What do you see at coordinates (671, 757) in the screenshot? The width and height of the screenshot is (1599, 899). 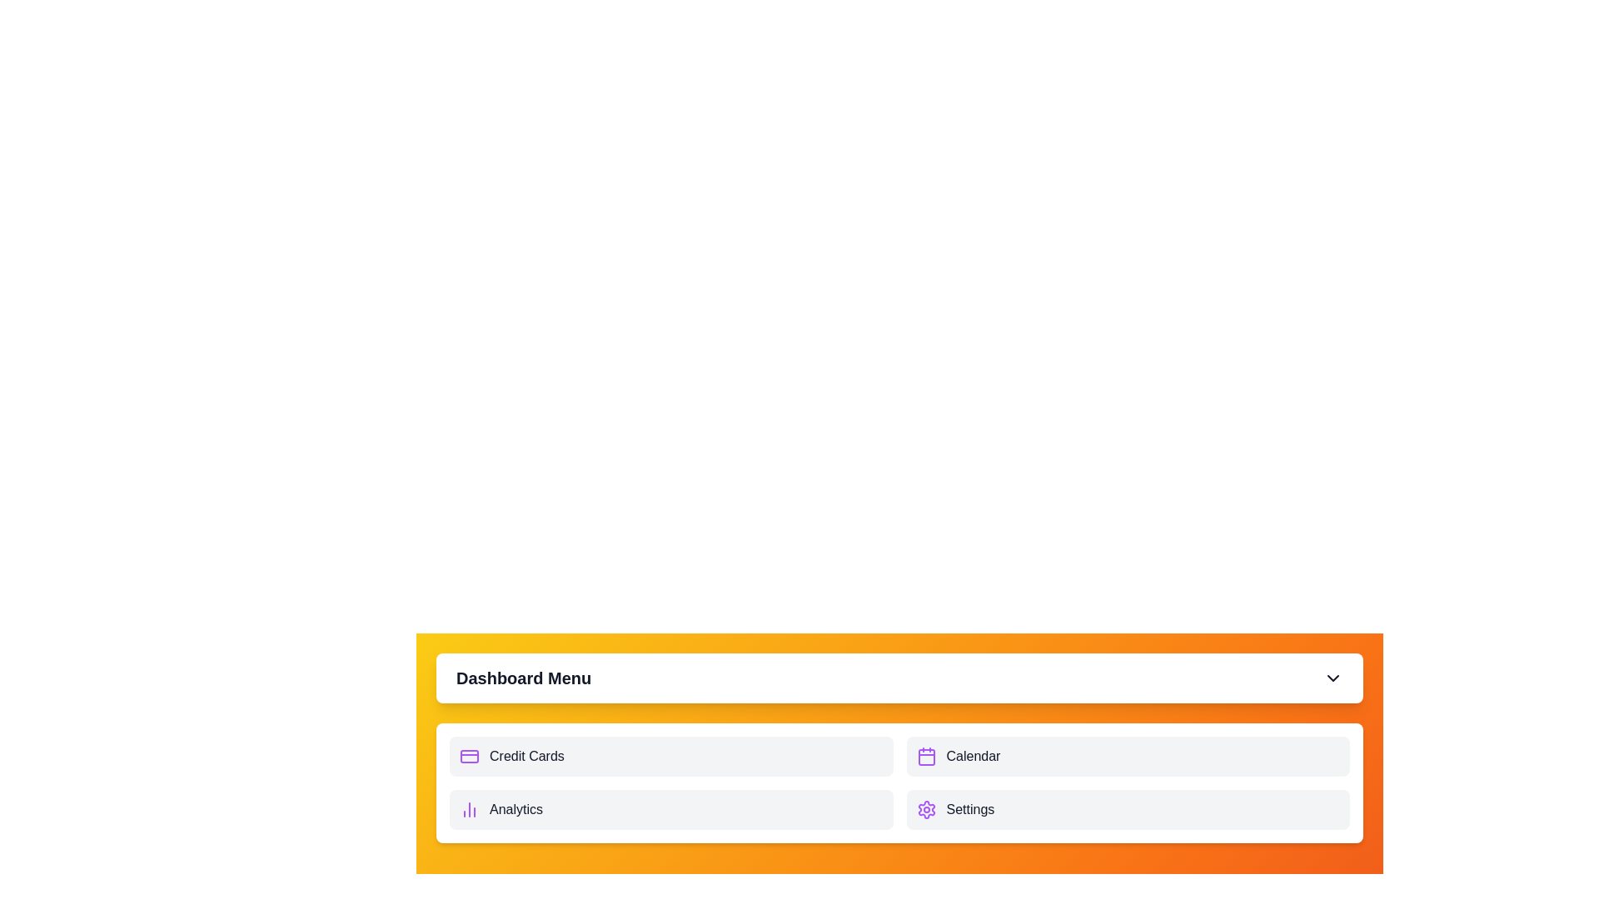 I see `the menu item Credit Cards` at bounding box center [671, 757].